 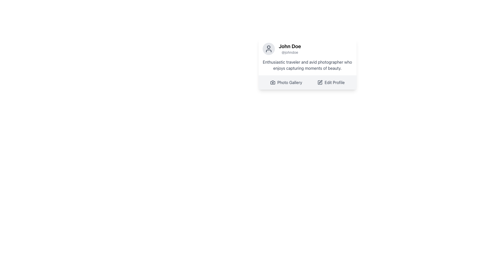 What do you see at coordinates (307, 65) in the screenshot?
I see `text content located beneath the full name 'John Doe' and username '@johndoe' within the profile card layout` at bounding box center [307, 65].